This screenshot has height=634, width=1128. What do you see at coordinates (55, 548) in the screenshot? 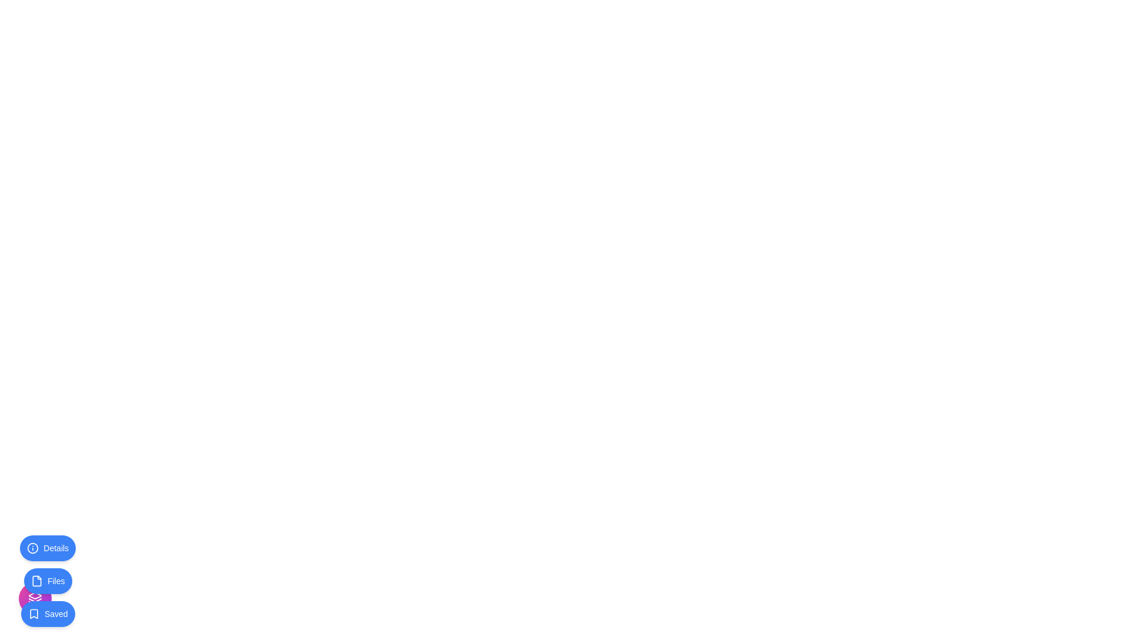
I see `the 'Details' text label styled in white font within a blue button located at the bottom-left section of vertically-stacked buttons` at bounding box center [55, 548].